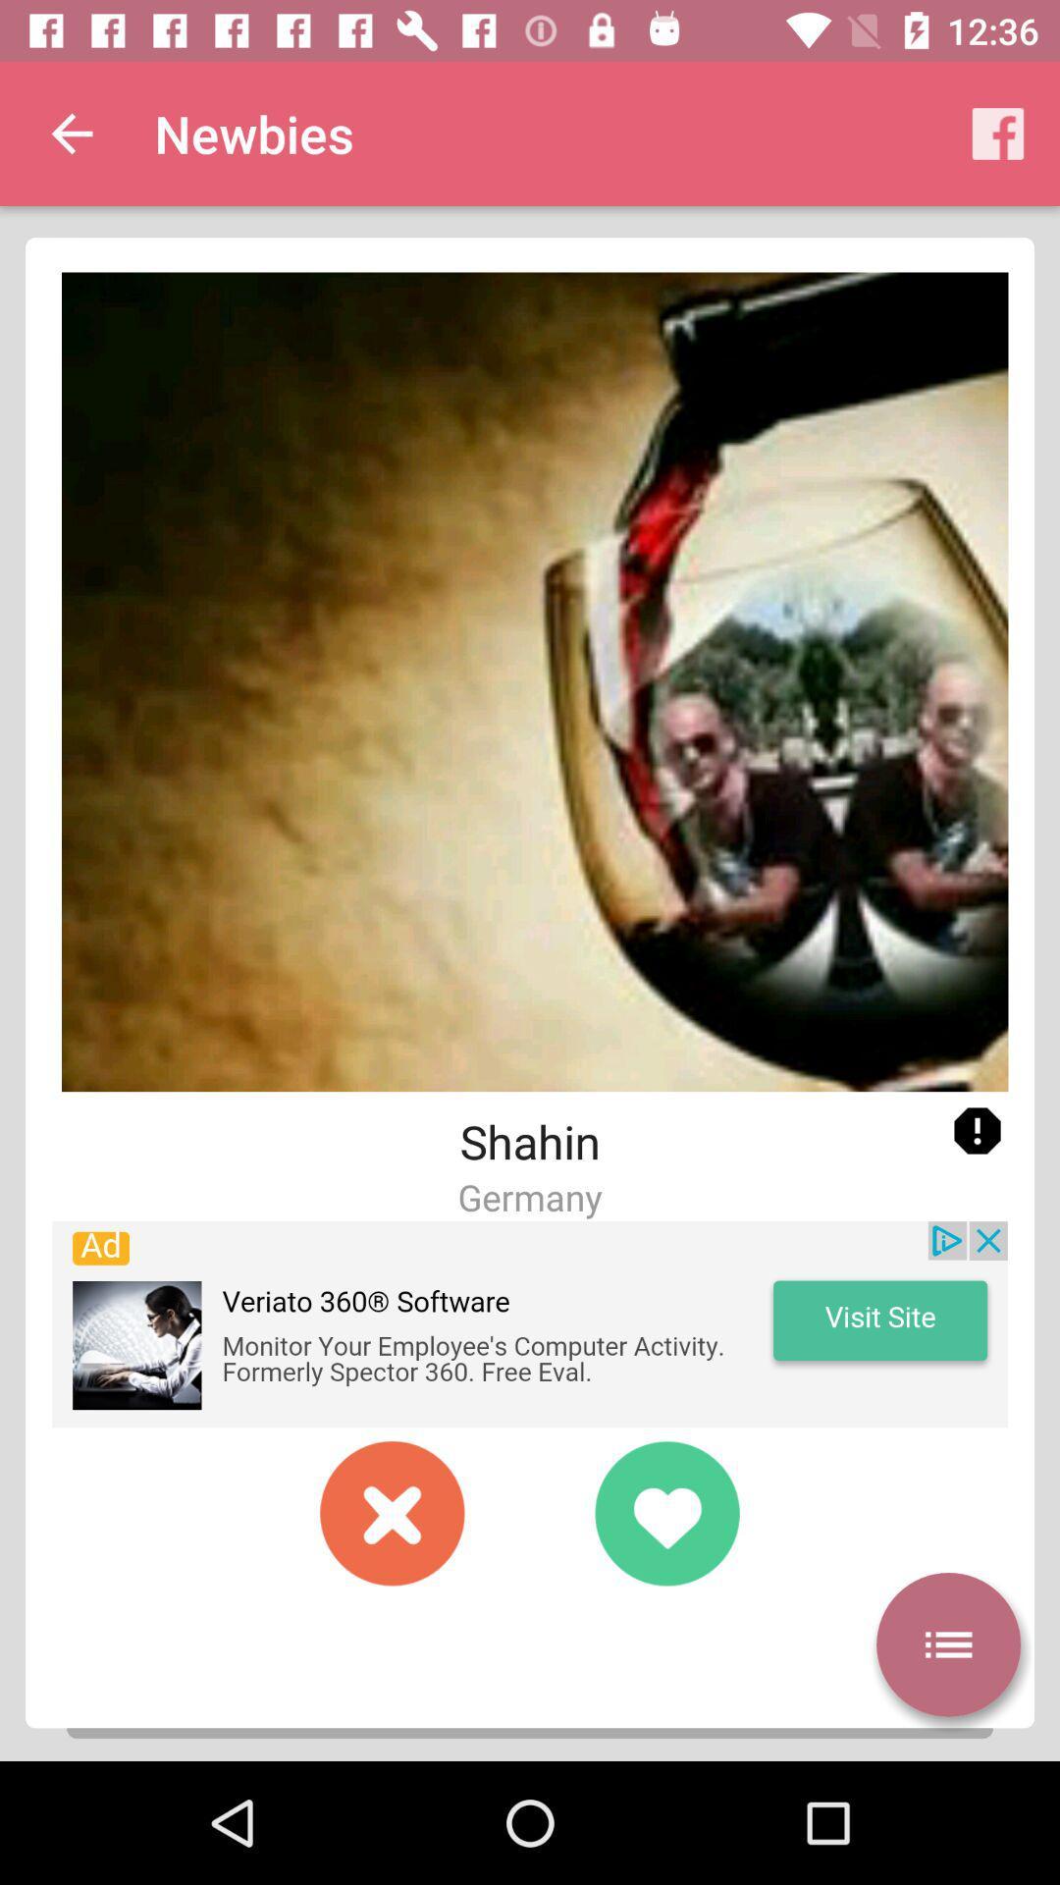 The height and width of the screenshot is (1885, 1060). Describe the element at coordinates (977, 1131) in the screenshot. I see `icorn` at that location.